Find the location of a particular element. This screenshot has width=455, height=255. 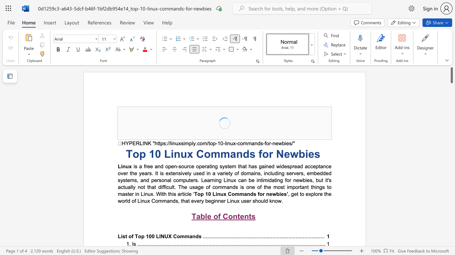

the scrollbar to move the page downward is located at coordinates (451, 174).